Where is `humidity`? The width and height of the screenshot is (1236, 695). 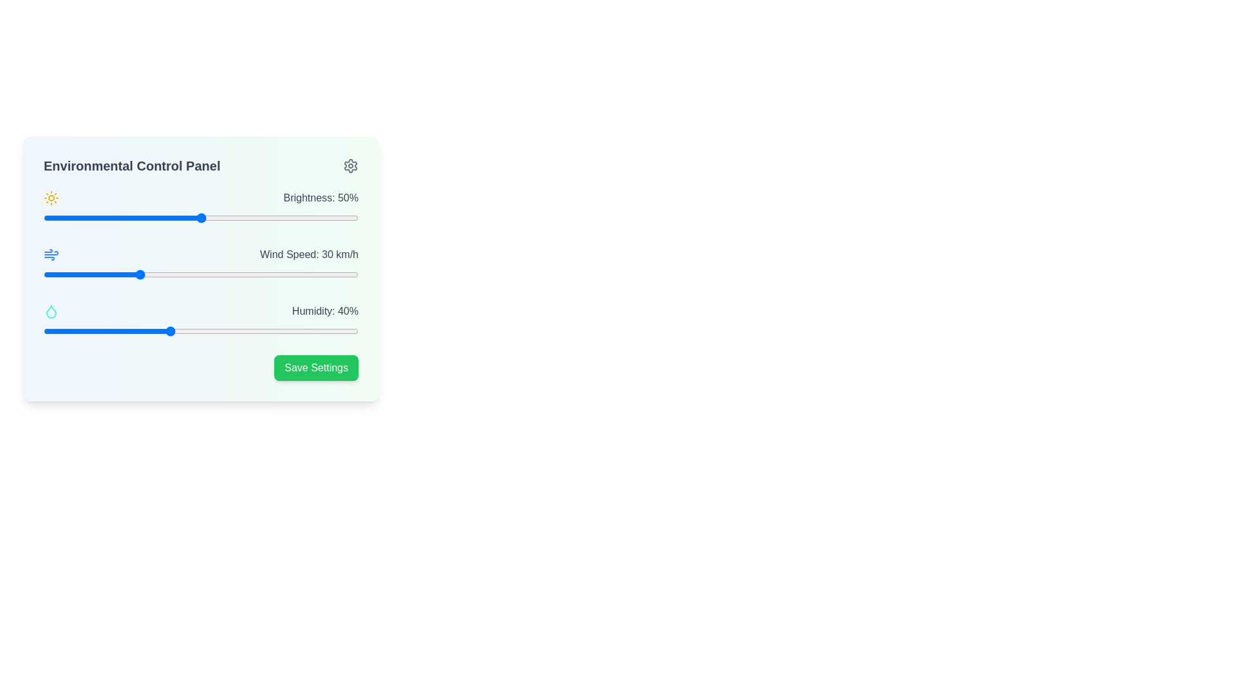 humidity is located at coordinates (220, 331).